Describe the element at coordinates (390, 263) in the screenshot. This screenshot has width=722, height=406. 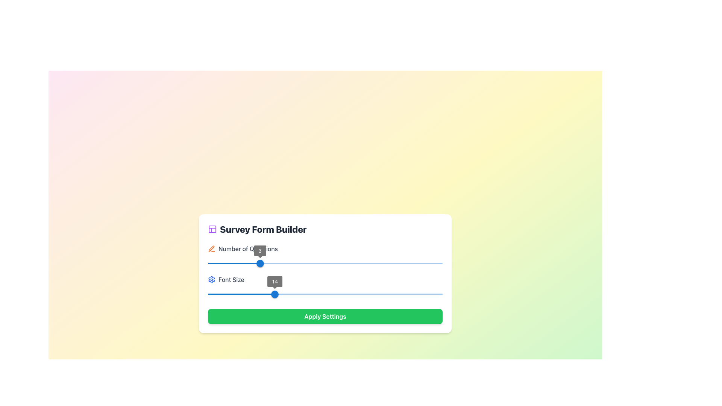
I see `the number of questions` at that location.